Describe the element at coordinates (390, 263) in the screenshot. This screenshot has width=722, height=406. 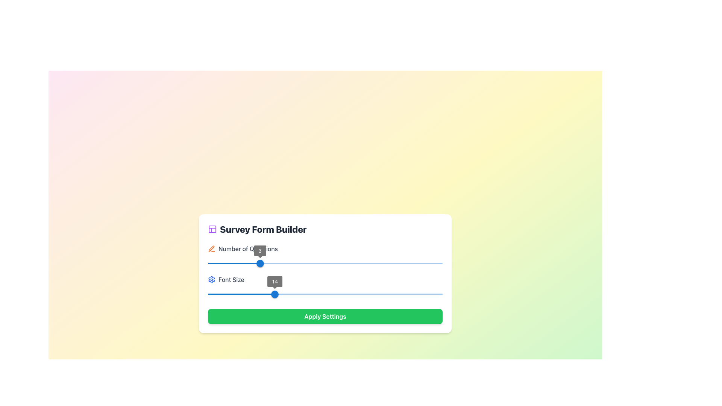
I see `the number of questions` at that location.